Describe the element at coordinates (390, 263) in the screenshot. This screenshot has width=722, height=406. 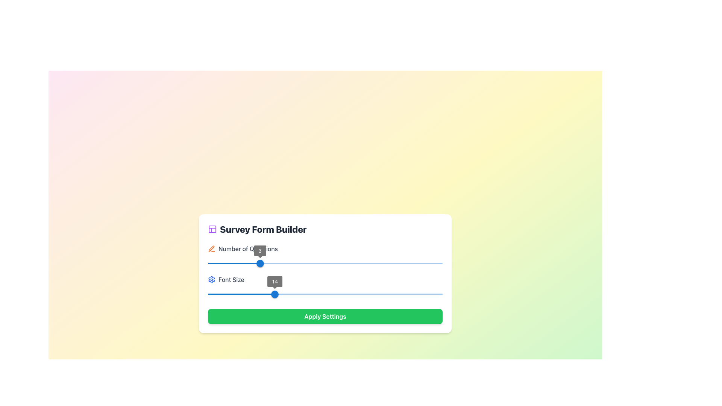
I see `the number of questions` at that location.